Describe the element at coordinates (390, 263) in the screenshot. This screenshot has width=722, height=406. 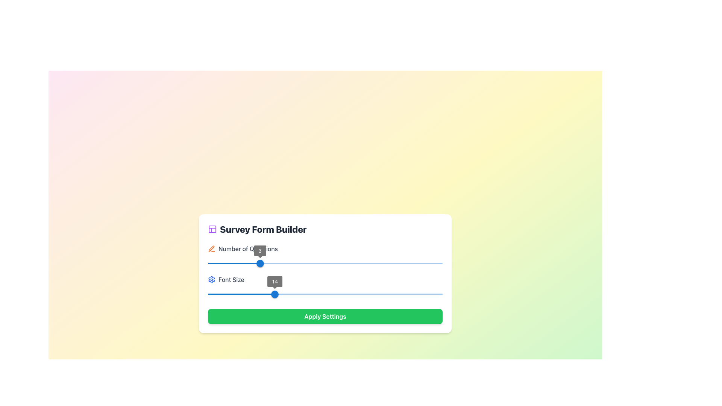
I see `the number of questions` at that location.